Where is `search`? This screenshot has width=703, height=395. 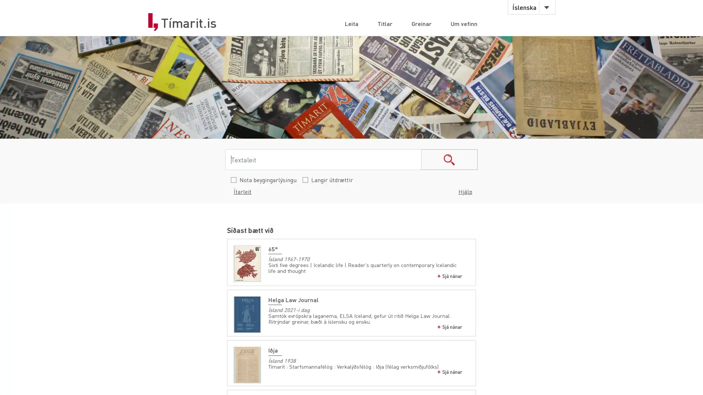 search is located at coordinates (449, 159).